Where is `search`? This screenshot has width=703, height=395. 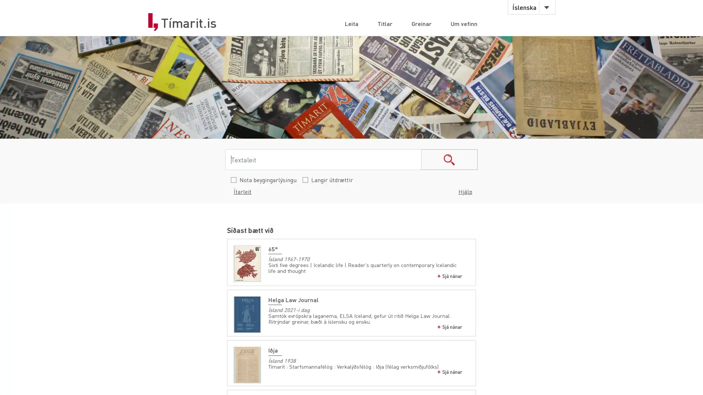 search is located at coordinates (449, 159).